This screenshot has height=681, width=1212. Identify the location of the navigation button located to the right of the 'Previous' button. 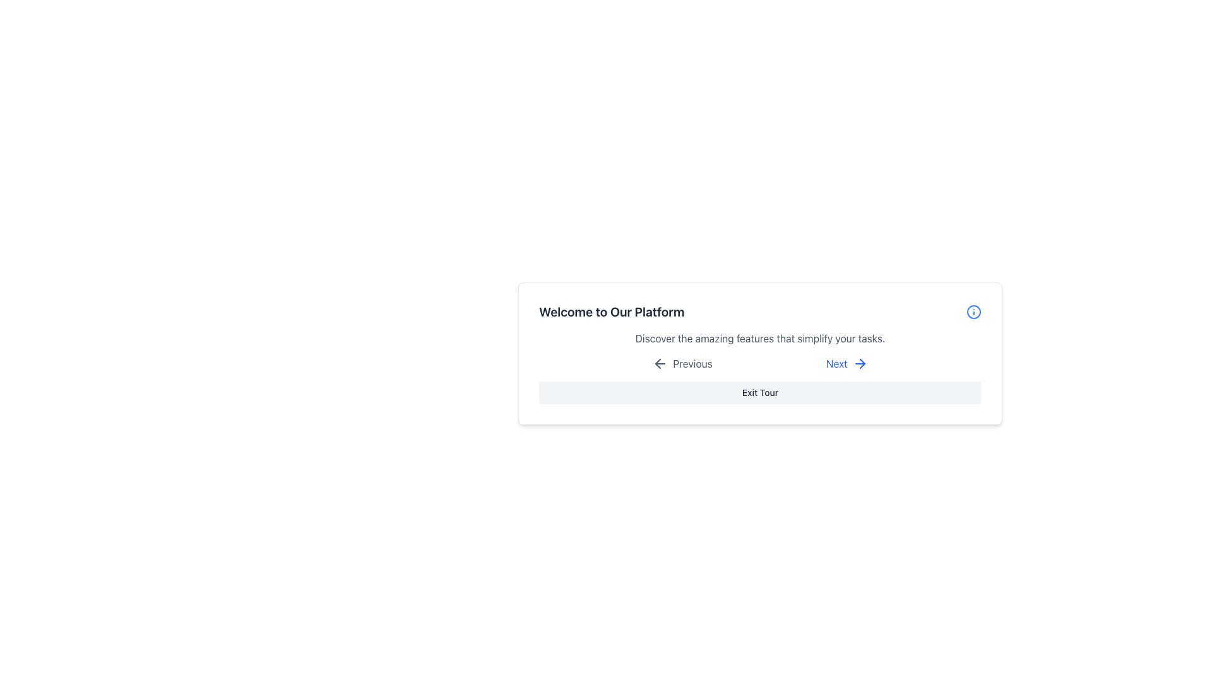
(847, 364).